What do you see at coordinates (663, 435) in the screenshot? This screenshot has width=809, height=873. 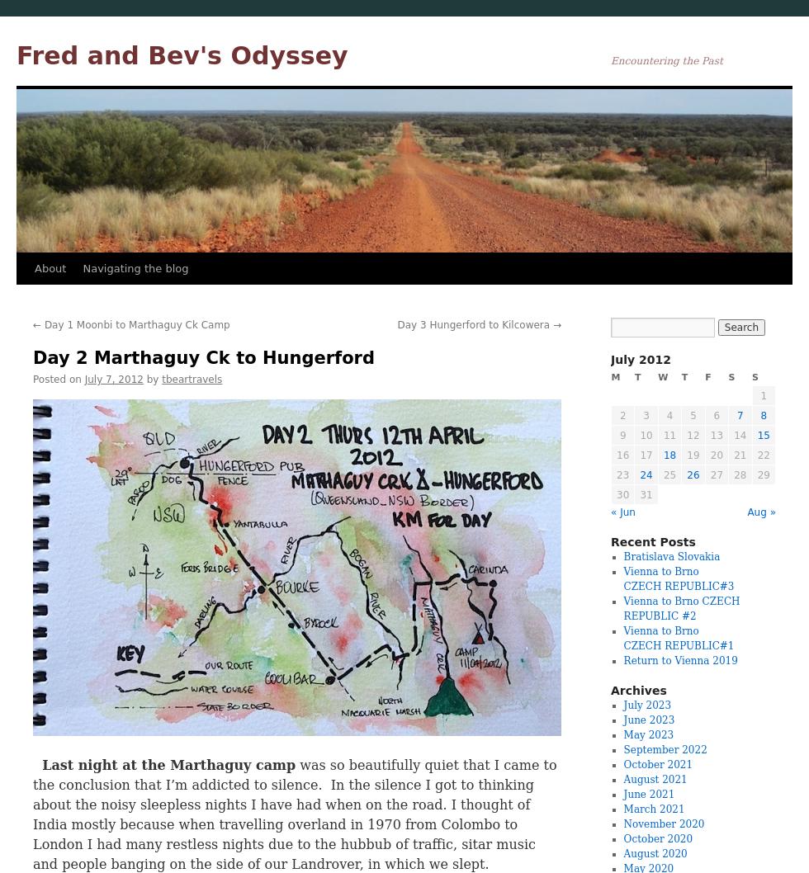 I see `'11'` at bounding box center [663, 435].